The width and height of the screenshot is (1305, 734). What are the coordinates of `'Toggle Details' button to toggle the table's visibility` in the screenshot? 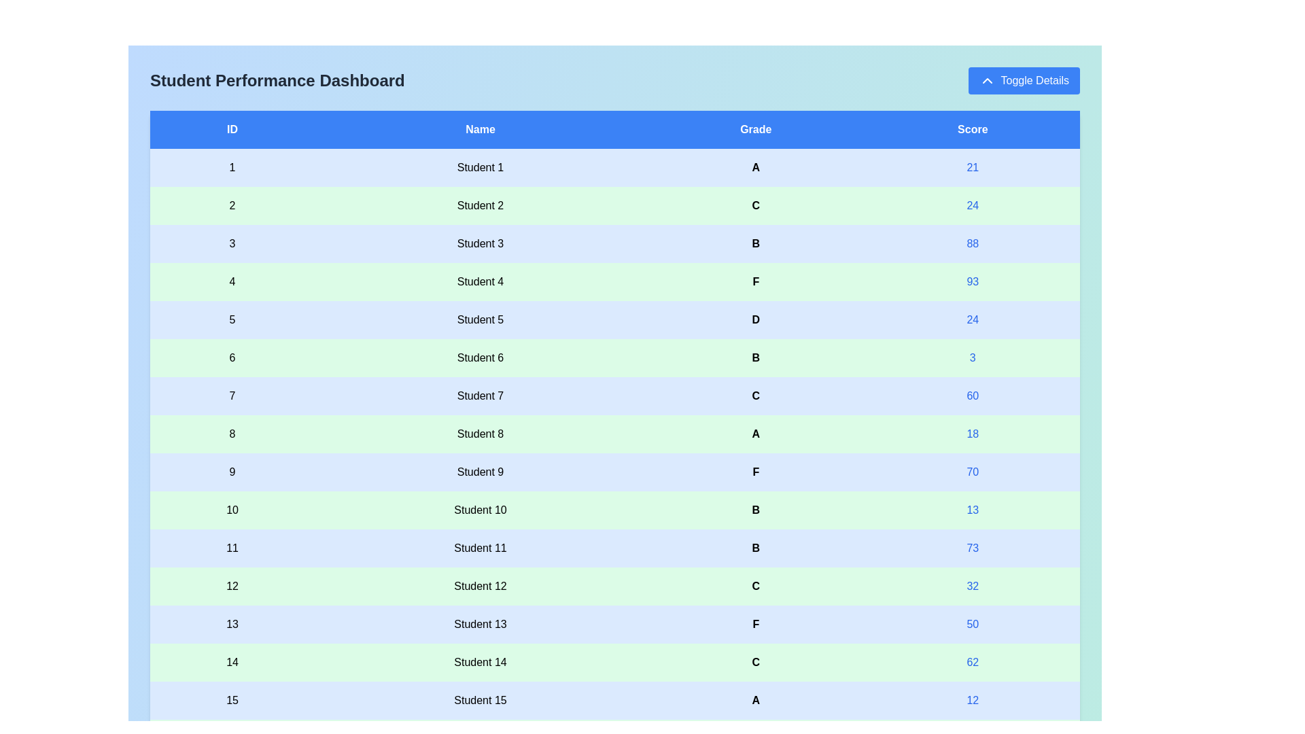 It's located at (1024, 81).